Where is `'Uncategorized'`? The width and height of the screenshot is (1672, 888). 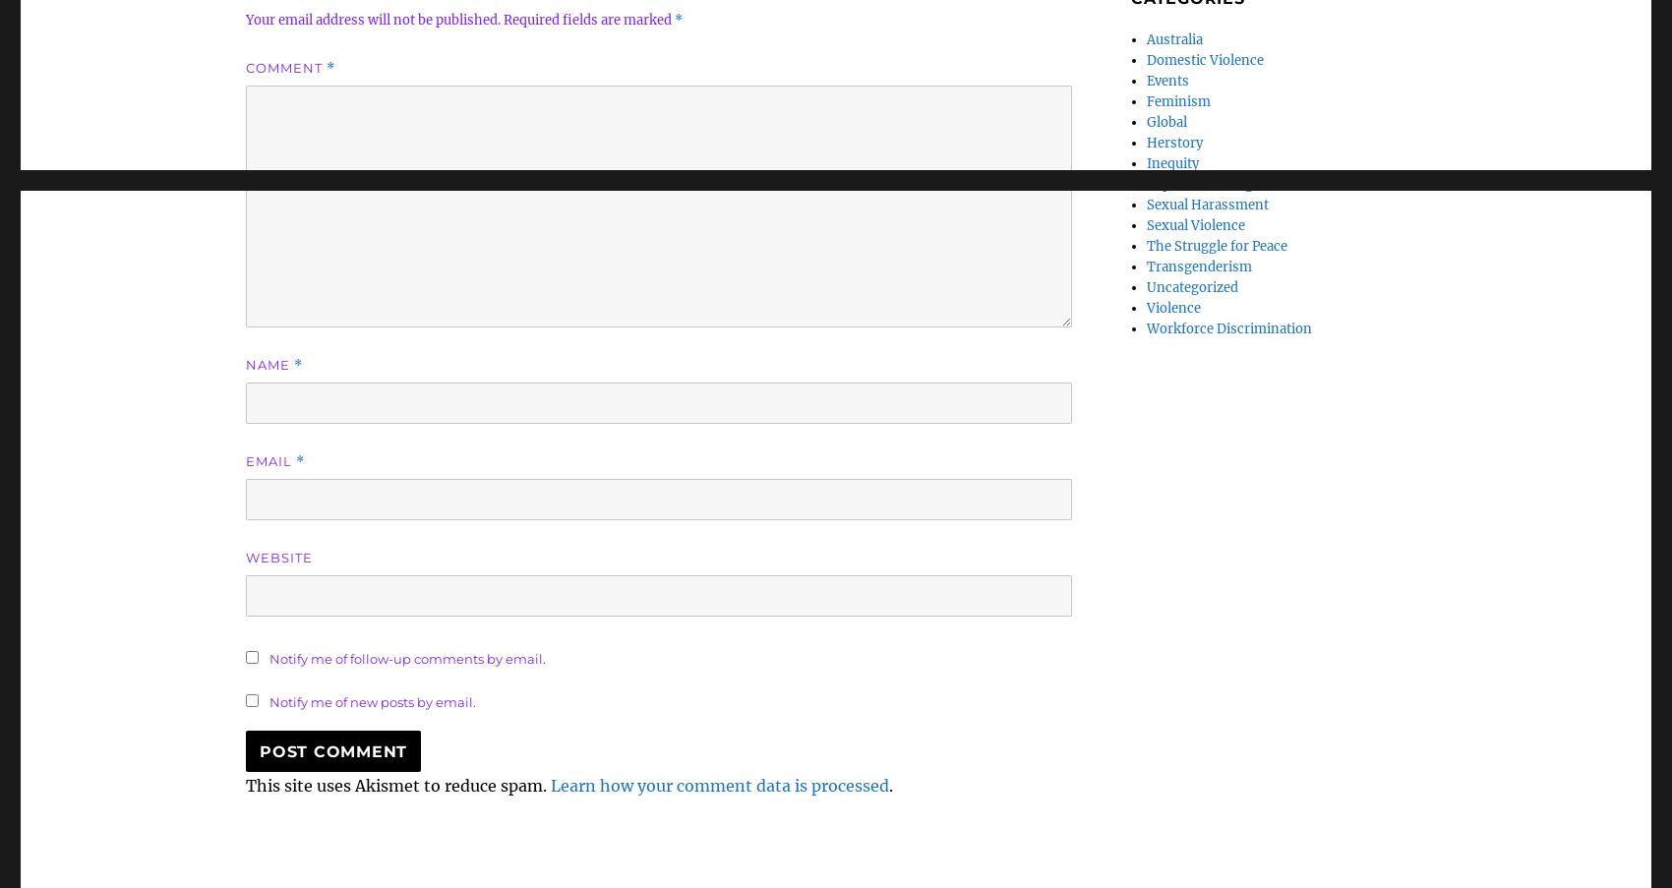
'Uncategorized' is located at coordinates (1191, 286).